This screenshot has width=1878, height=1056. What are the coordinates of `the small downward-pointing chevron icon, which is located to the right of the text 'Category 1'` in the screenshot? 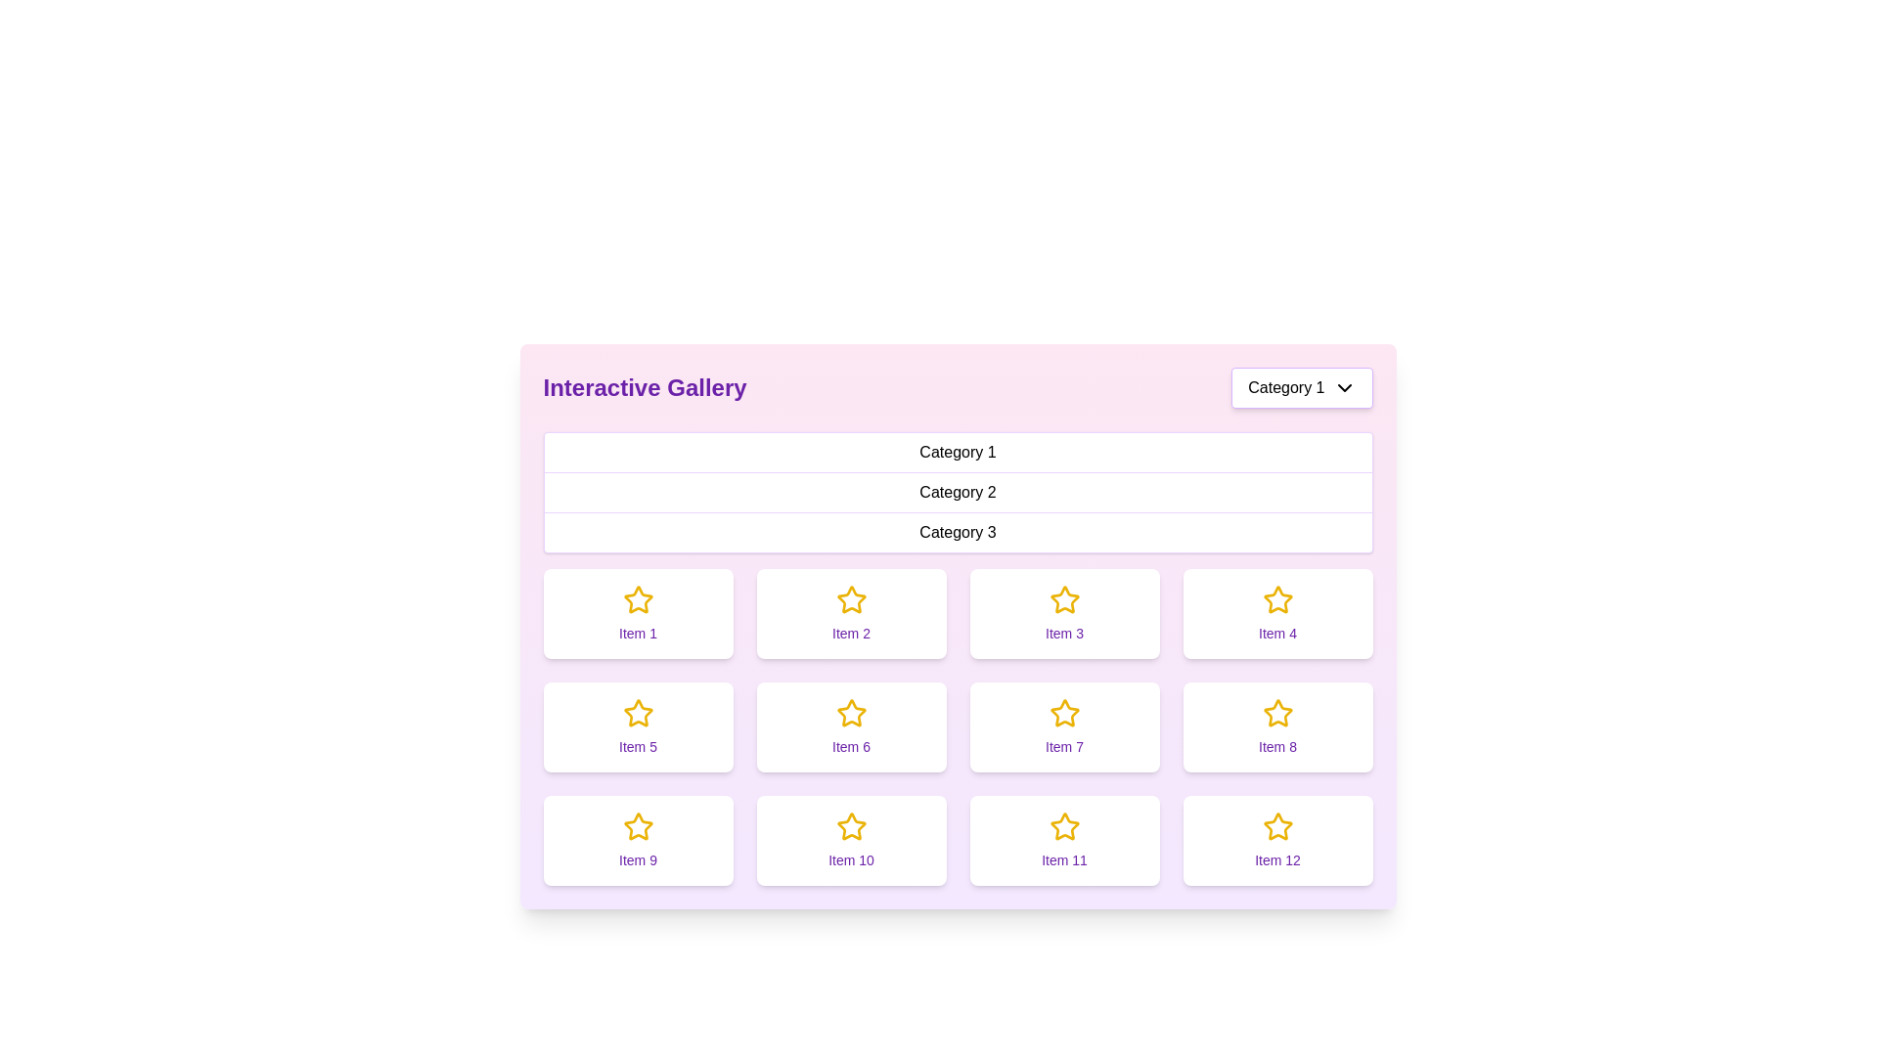 It's located at (1343, 388).